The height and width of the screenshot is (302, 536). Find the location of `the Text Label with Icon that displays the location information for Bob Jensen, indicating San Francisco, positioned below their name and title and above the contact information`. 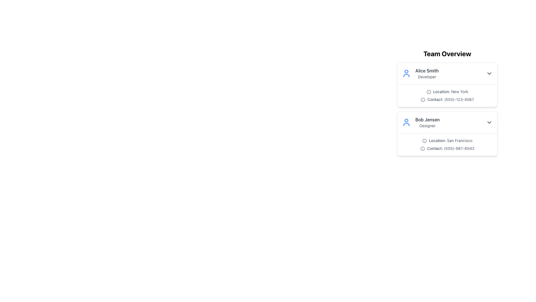

the Text Label with Icon that displays the location information for Bob Jensen, indicating San Francisco, positioned below their name and title and above the contact information is located at coordinates (447, 140).